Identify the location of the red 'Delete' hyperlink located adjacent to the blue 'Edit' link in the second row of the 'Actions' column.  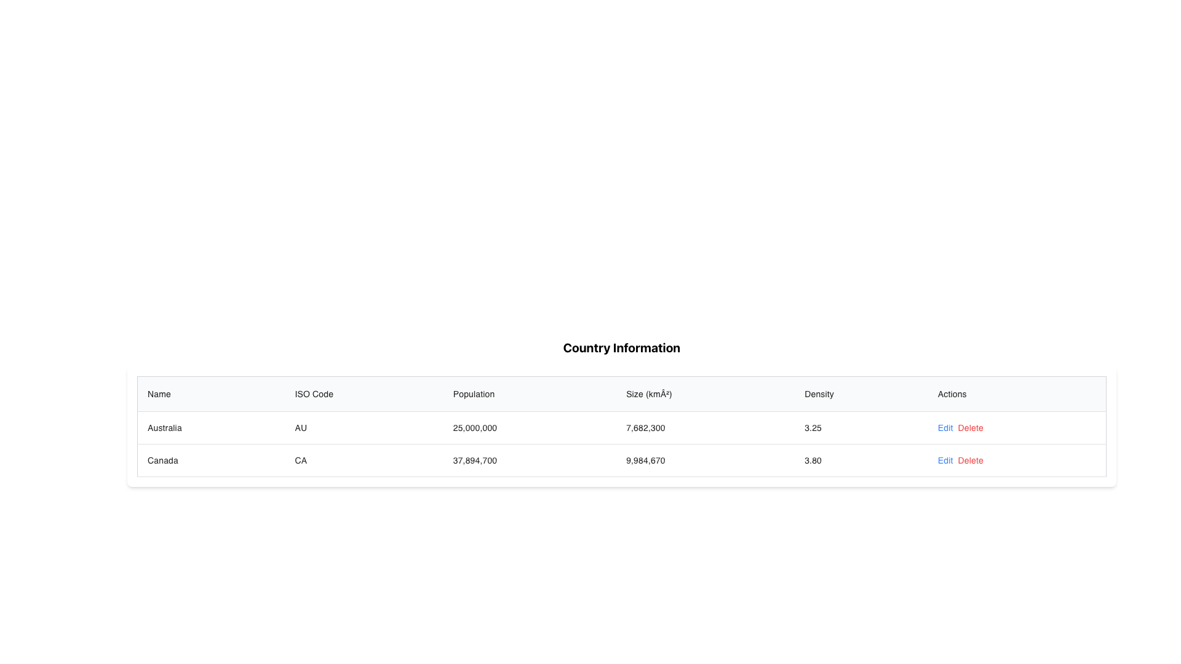
(970, 460).